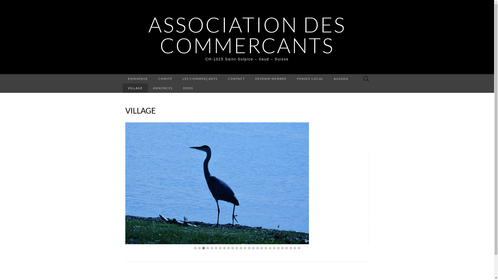  I want to click on 'AGENDA', so click(328, 79).